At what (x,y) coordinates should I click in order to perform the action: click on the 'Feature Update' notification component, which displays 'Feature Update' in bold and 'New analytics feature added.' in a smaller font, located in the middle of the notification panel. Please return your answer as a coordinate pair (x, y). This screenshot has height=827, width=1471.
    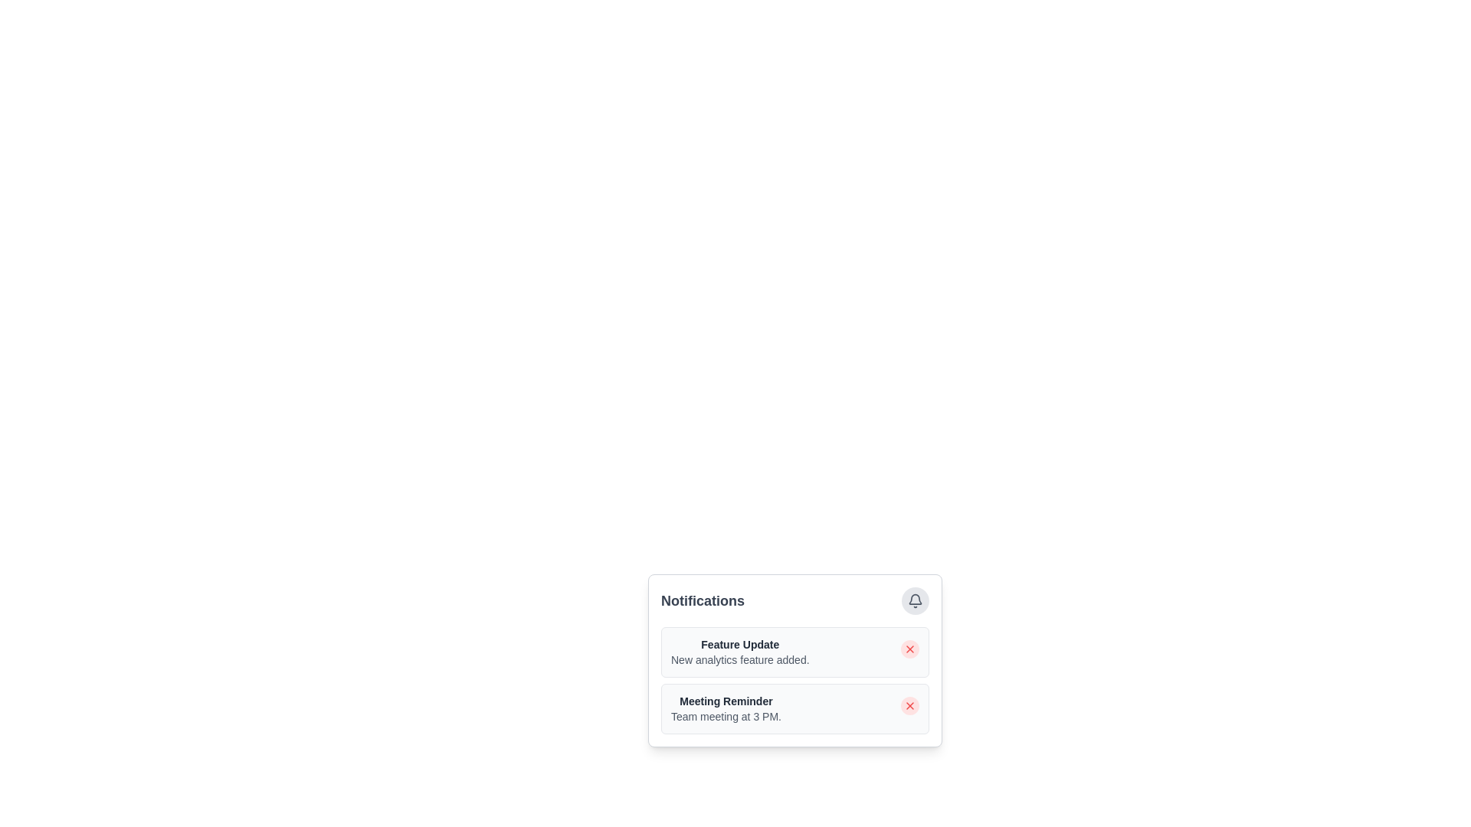
    Looking at the image, I should click on (740, 652).